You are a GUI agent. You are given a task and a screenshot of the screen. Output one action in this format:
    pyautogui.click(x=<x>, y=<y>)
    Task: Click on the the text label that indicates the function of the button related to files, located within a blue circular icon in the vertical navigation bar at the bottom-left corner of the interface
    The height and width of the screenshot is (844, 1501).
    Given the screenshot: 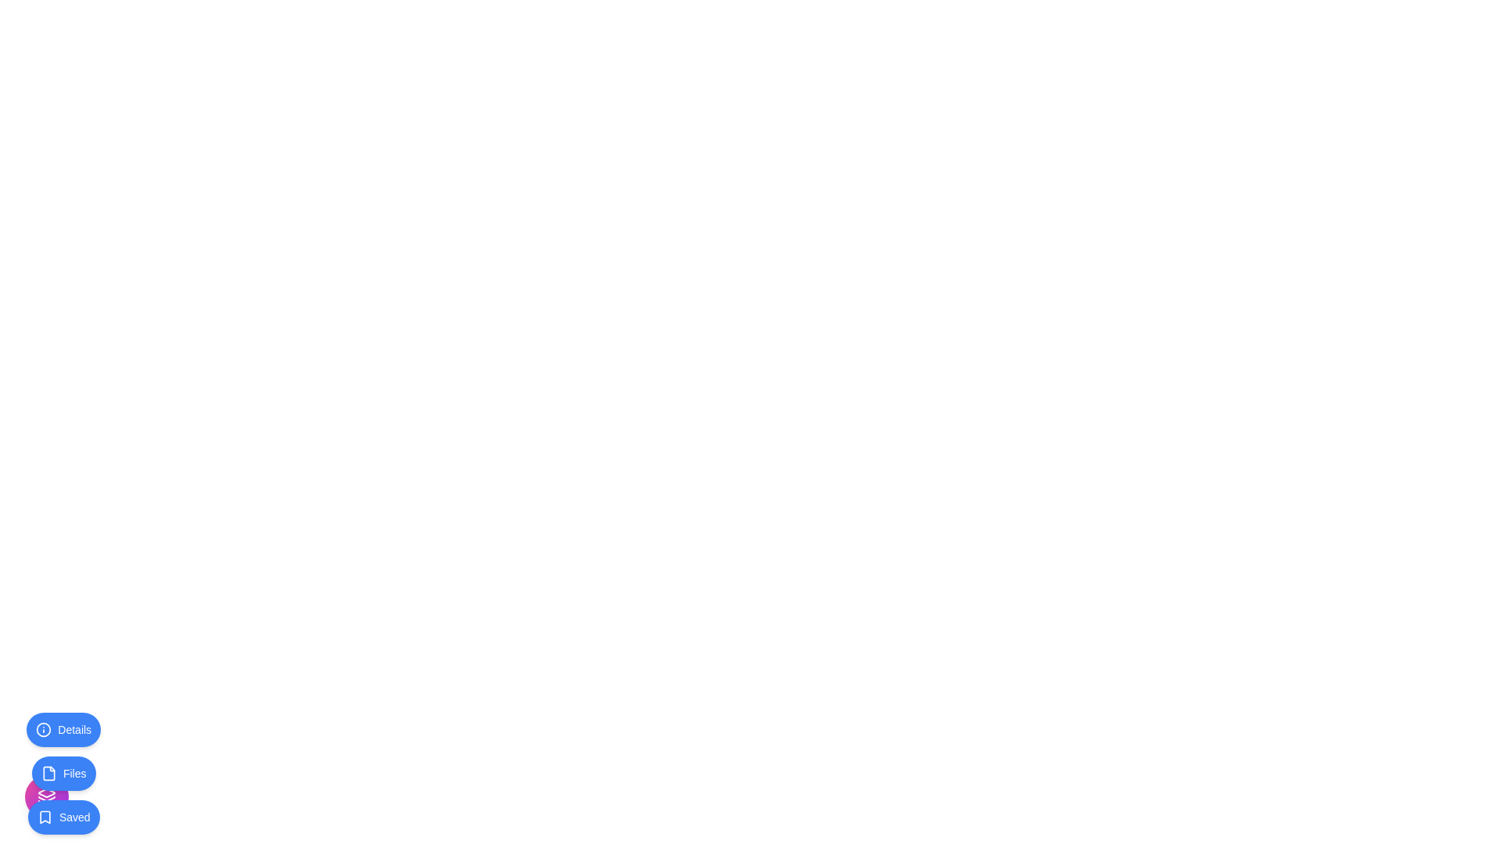 What is the action you would take?
    pyautogui.click(x=73, y=774)
    